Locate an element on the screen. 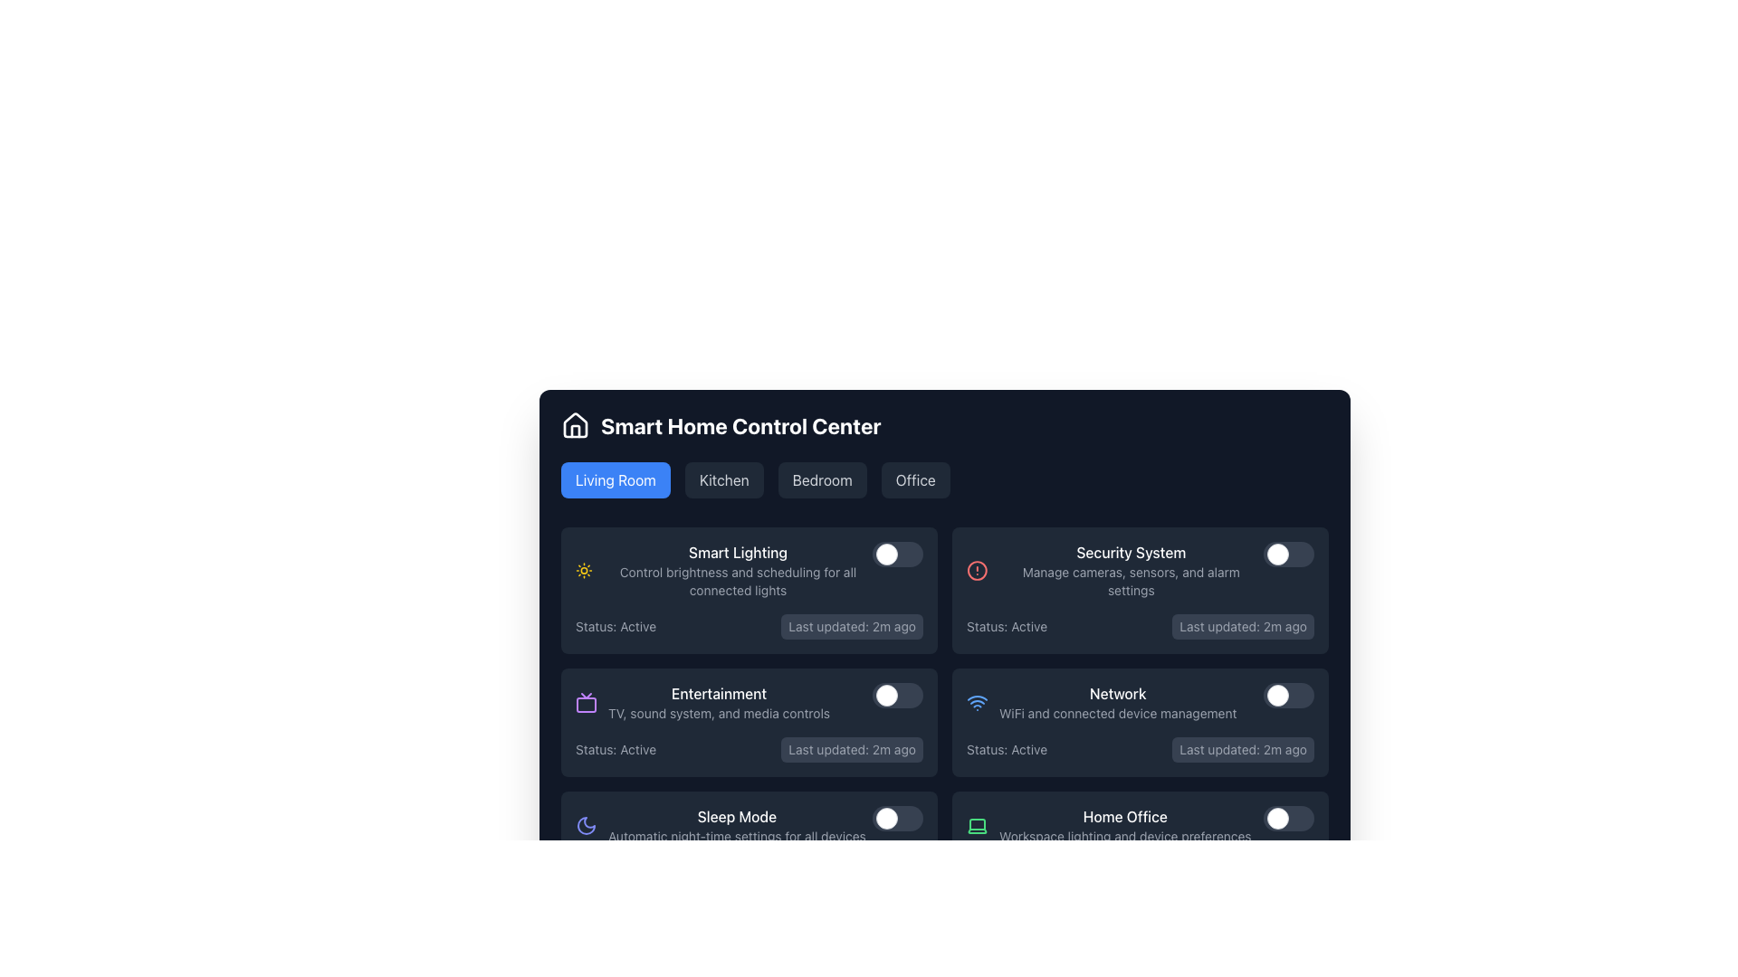 The image size is (1738, 977). the crescent moon icon representing the 'Sleep Mode' feature located in the bottom row of the 'Living Room' tab is located at coordinates (587, 826).